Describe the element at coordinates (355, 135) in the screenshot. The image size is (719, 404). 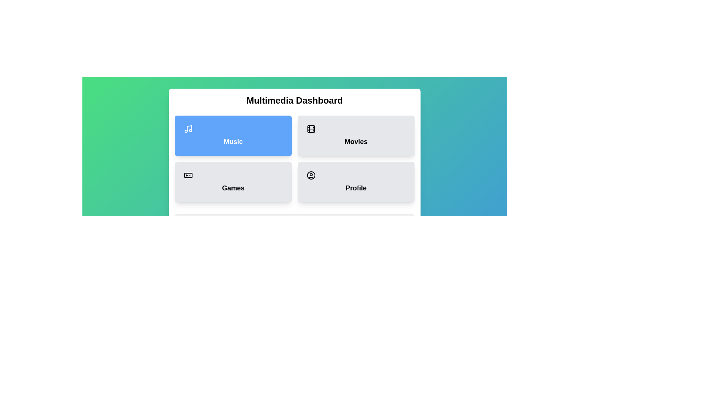
I see `the Movies button to display its description` at that location.